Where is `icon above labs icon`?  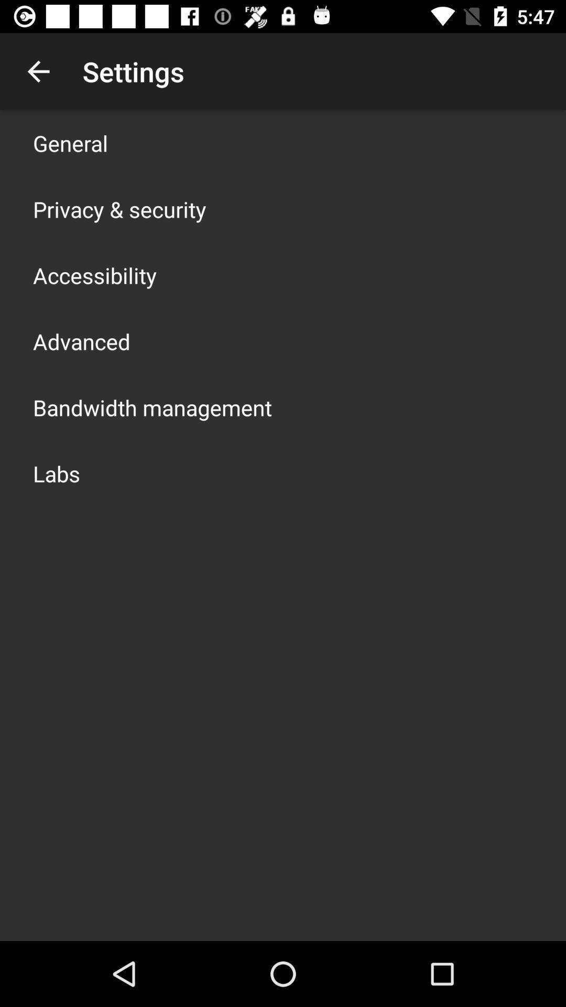
icon above labs icon is located at coordinates (152, 407).